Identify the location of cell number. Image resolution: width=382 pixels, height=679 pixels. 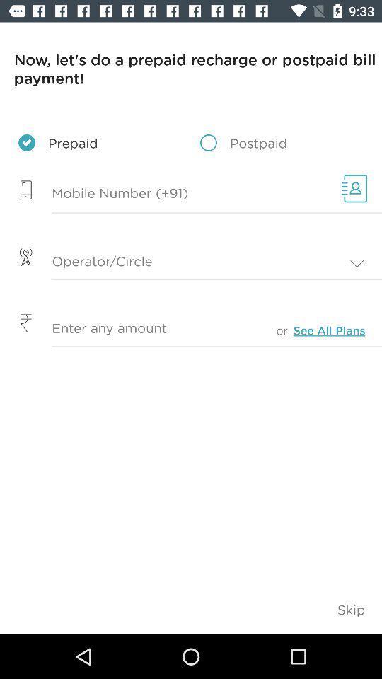
(166, 193).